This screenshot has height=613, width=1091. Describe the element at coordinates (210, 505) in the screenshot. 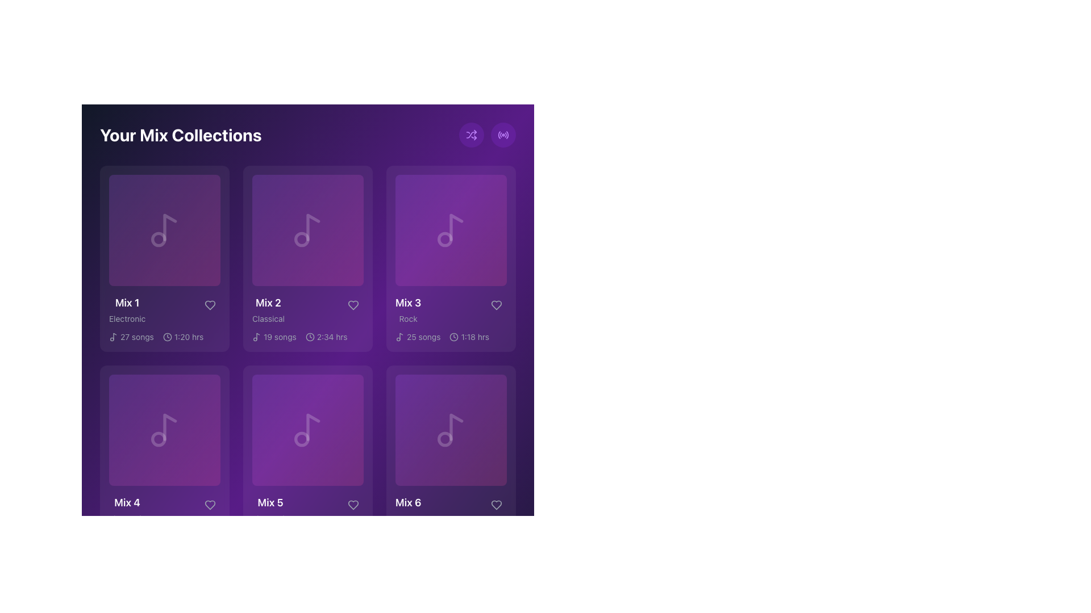

I see `the heart icon button located in the bottom-right corner of the 'Mix 4' section for potential additional interactions` at that location.